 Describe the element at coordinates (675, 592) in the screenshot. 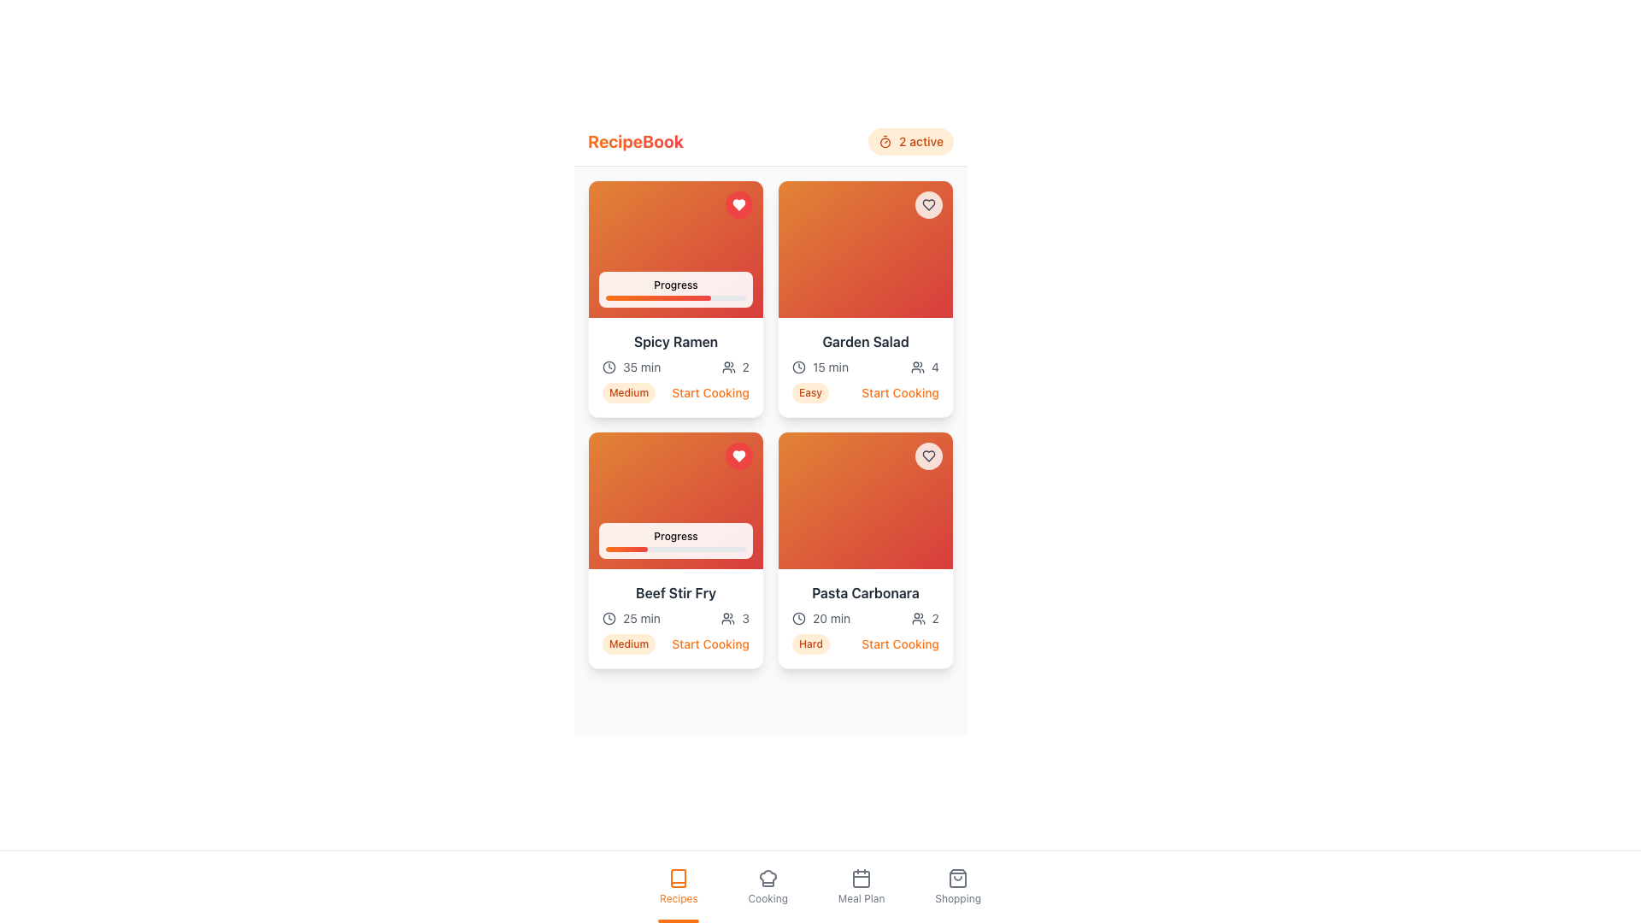

I see `the text label displaying 'Beef Stir Fry' in bold dark-gray font, located in the bottom left quadrant of the recipe card layout` at that location.